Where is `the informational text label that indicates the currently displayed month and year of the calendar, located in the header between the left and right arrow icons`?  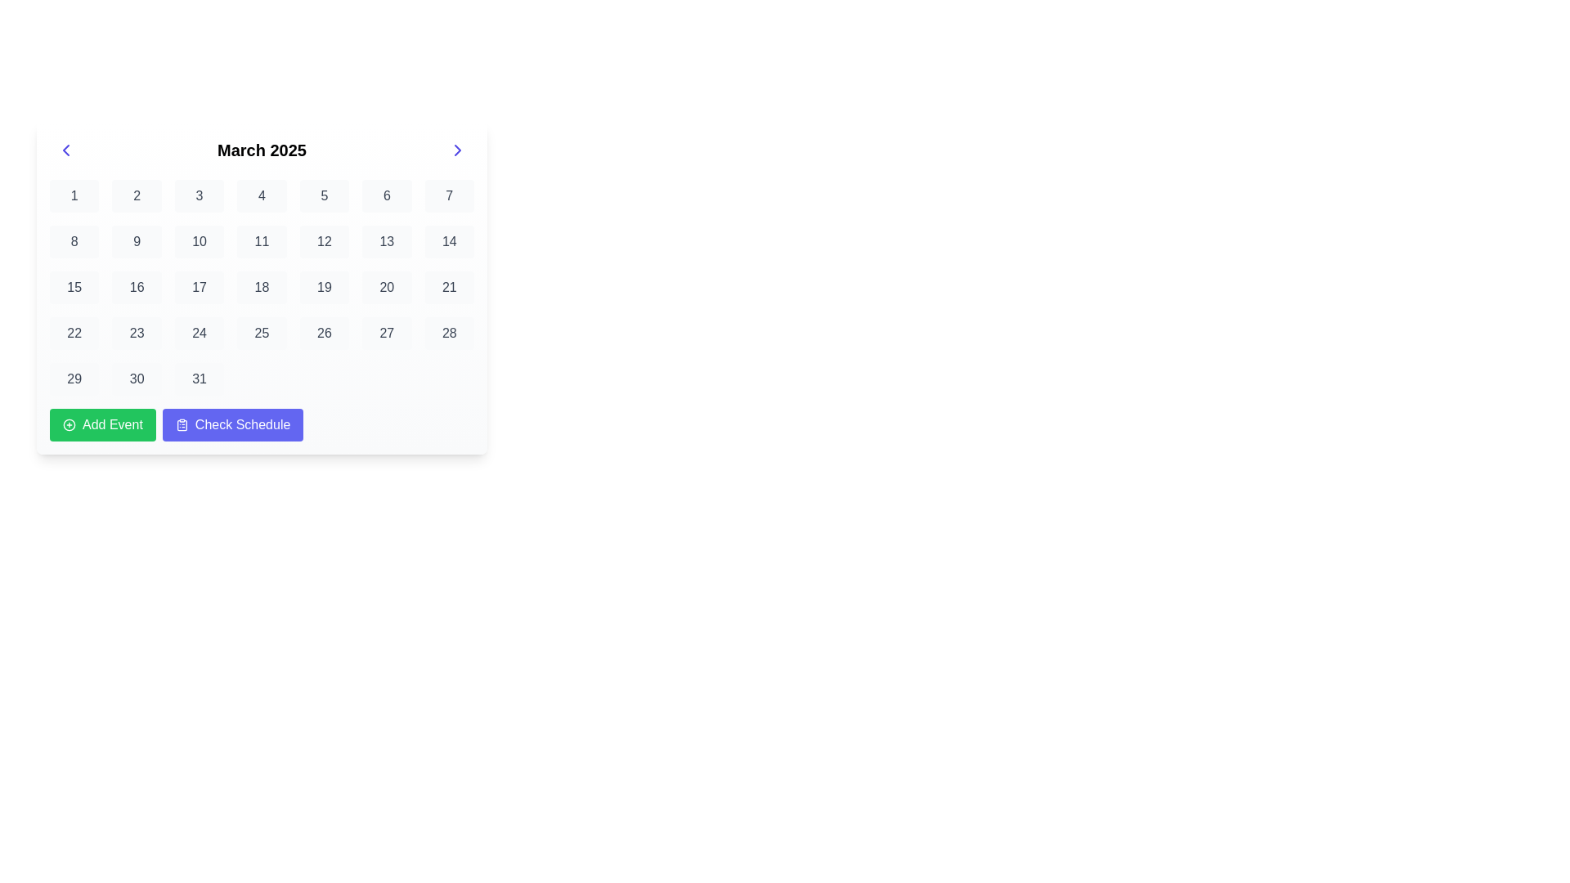 the informational text label that indicates the currently displayed month and year of the calendar, located in the header between the left and right arrow icons is located at coordinates (262, 150).